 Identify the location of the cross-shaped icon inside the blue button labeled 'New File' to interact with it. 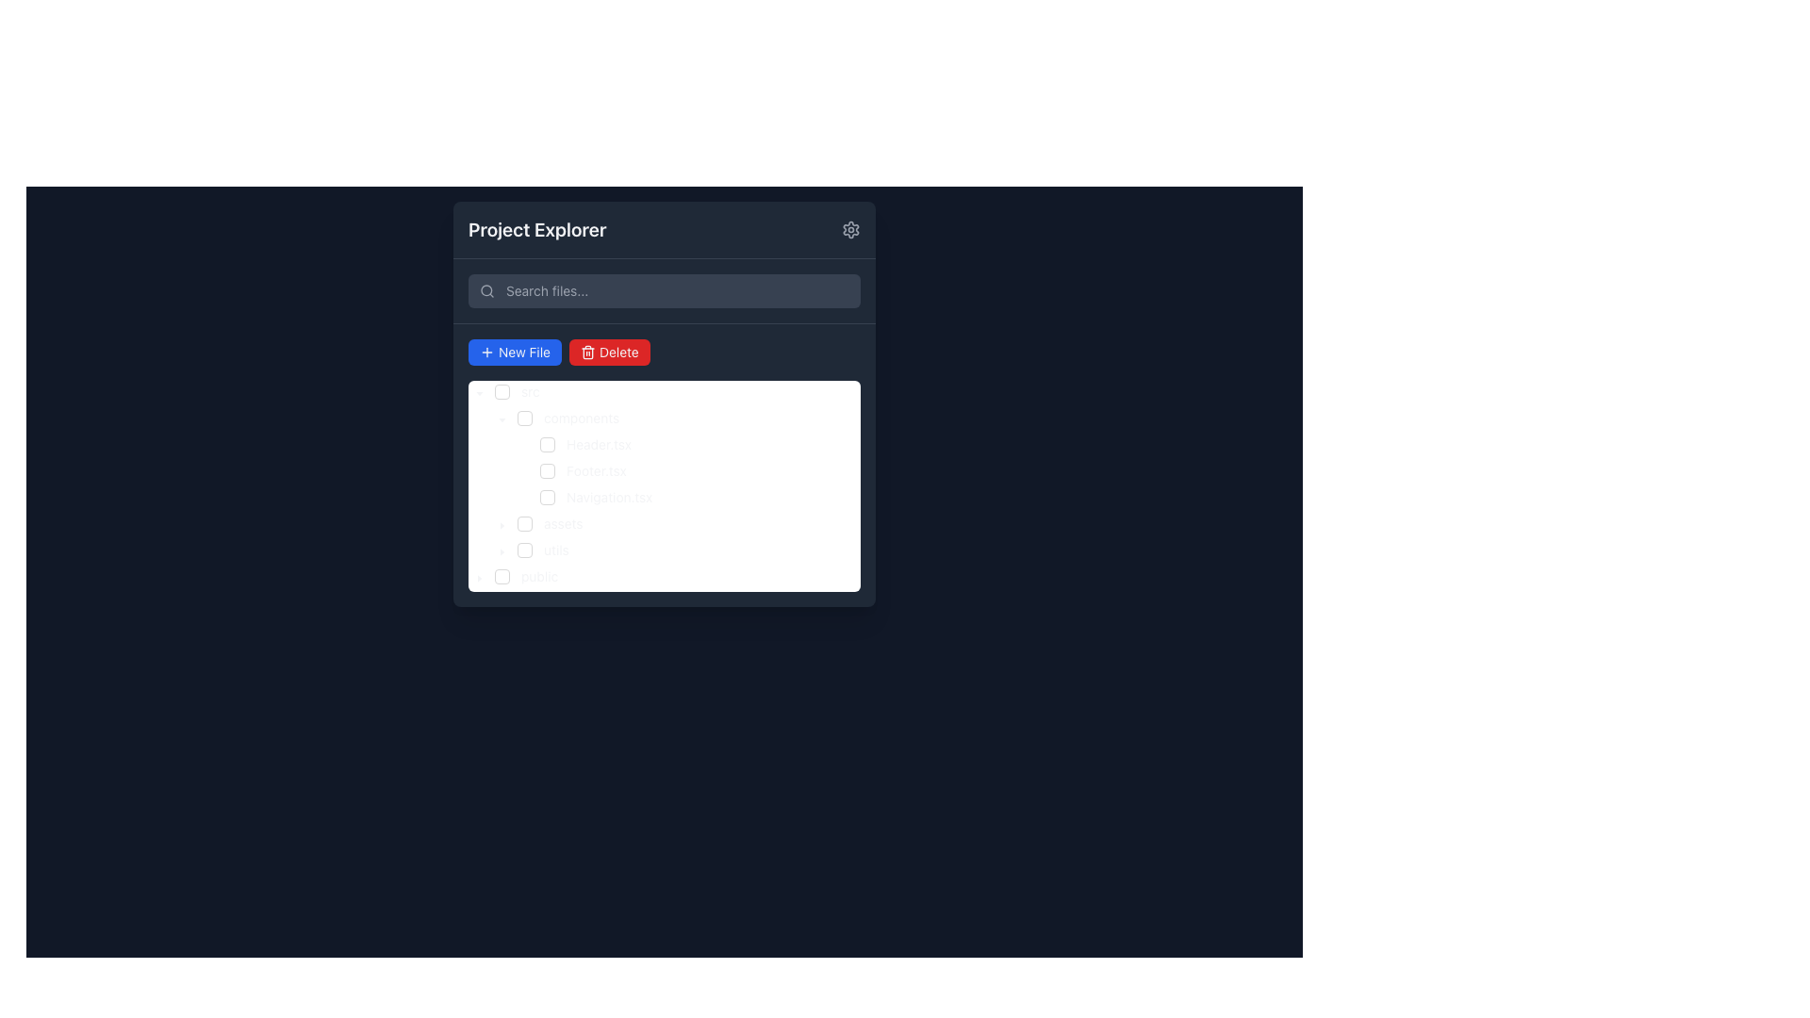
(487, 353).